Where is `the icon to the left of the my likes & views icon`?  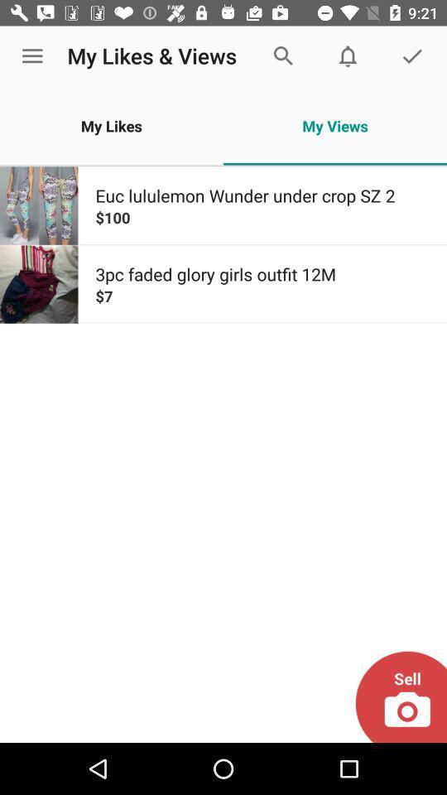 the icon to the left of the my likes & views icon is located at coordinates (32, 56).